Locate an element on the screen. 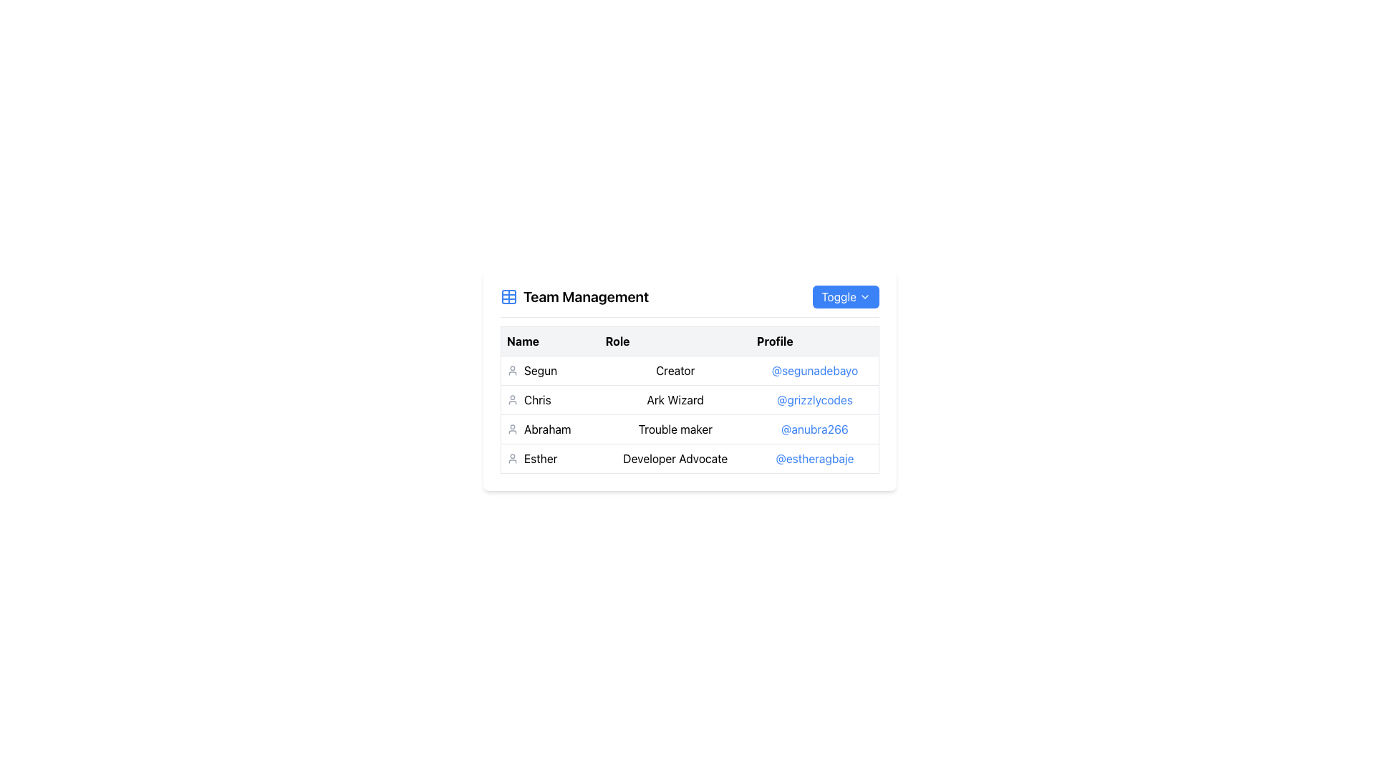 The width and height of the screenshot is (1375, 773). text label identifying Esther's role in the team management table, located in the 'Role' column adjacent to her name is located at coordinates (675, 458).